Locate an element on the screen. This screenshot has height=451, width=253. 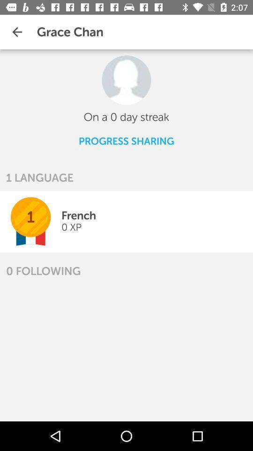
icon below the 1 icon is located at coordinates (43, 271).